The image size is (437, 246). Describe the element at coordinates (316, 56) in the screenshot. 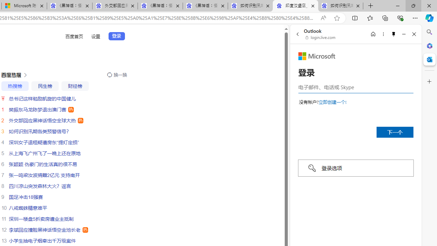

I see `'Microsoft'` at that location.